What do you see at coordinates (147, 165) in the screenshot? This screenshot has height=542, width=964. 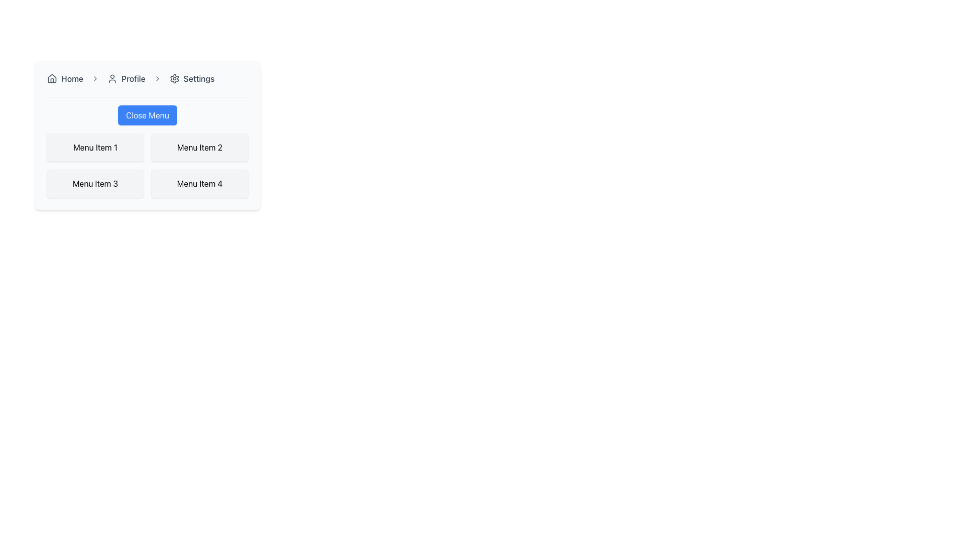 I see `the group of interactive items or menu block element containing four buttons arranged in a 2x2 grid for keyboard navigation` at bounding box center [147, 165].